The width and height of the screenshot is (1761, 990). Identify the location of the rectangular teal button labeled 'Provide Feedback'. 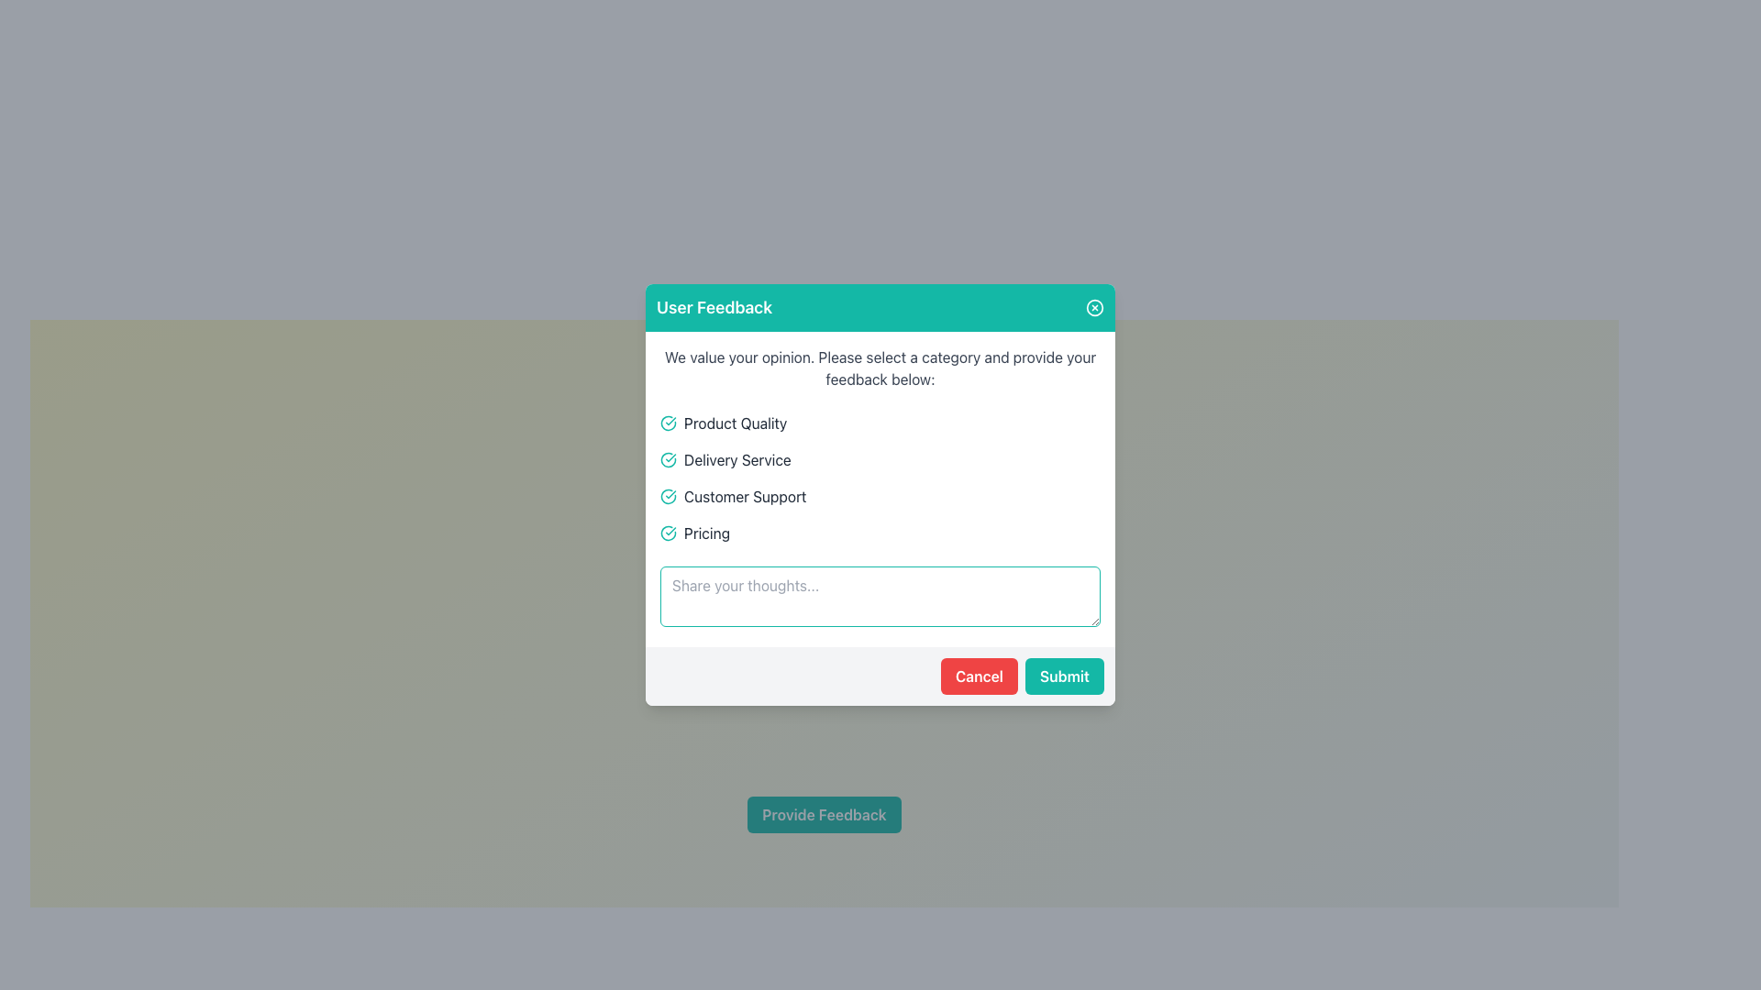
(823, 813).